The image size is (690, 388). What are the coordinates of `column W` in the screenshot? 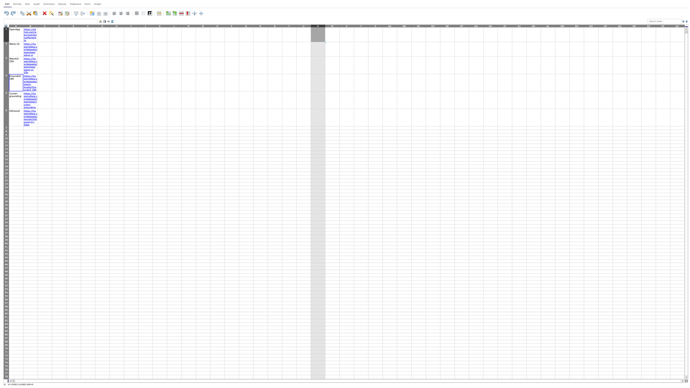 It's located at (332, 25).